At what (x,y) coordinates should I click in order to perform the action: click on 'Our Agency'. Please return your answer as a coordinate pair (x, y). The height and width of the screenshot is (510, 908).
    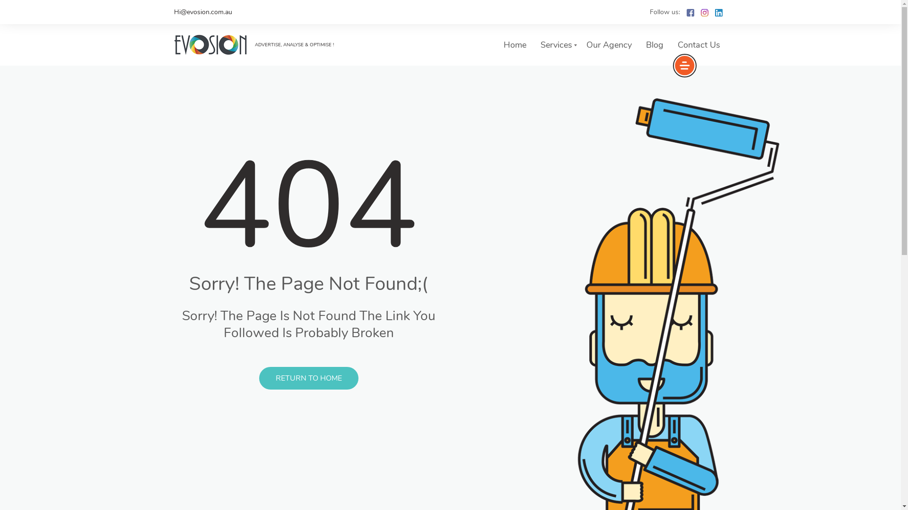
    Looking at the image, I should click on (609, 45).